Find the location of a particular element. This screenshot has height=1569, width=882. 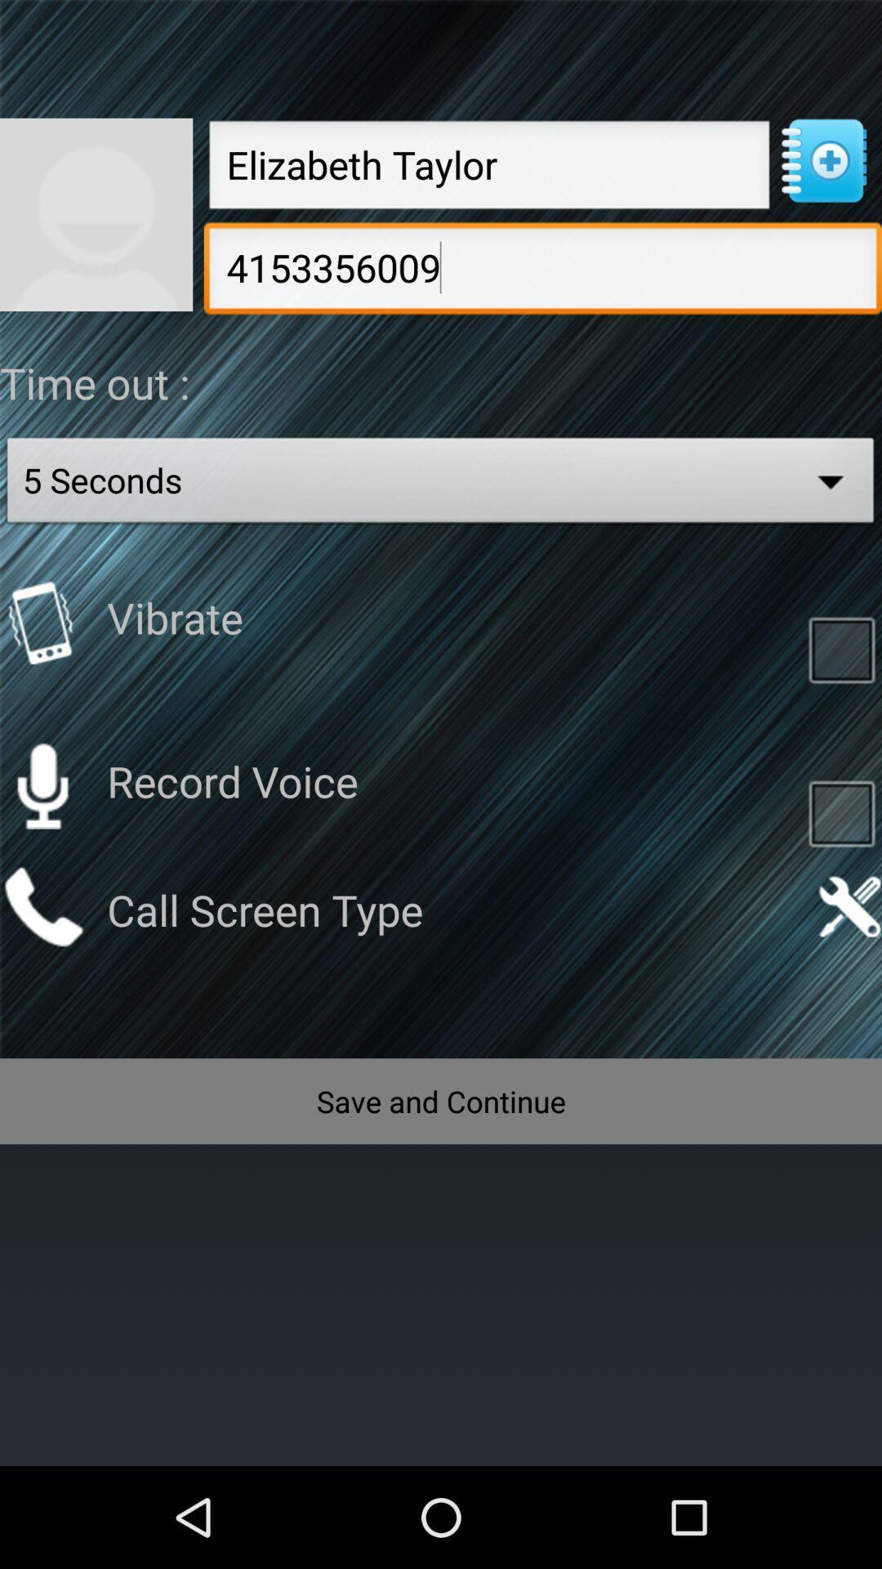

address book is located at coordinates (823, 161).